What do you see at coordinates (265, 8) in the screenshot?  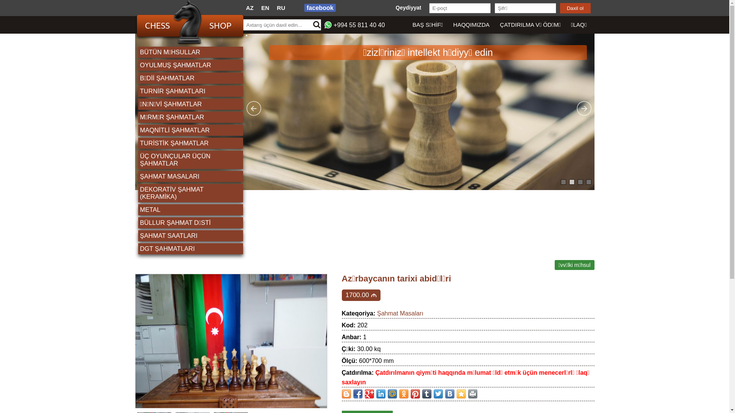 I see `'EN'` at bounding box center [265, 8].